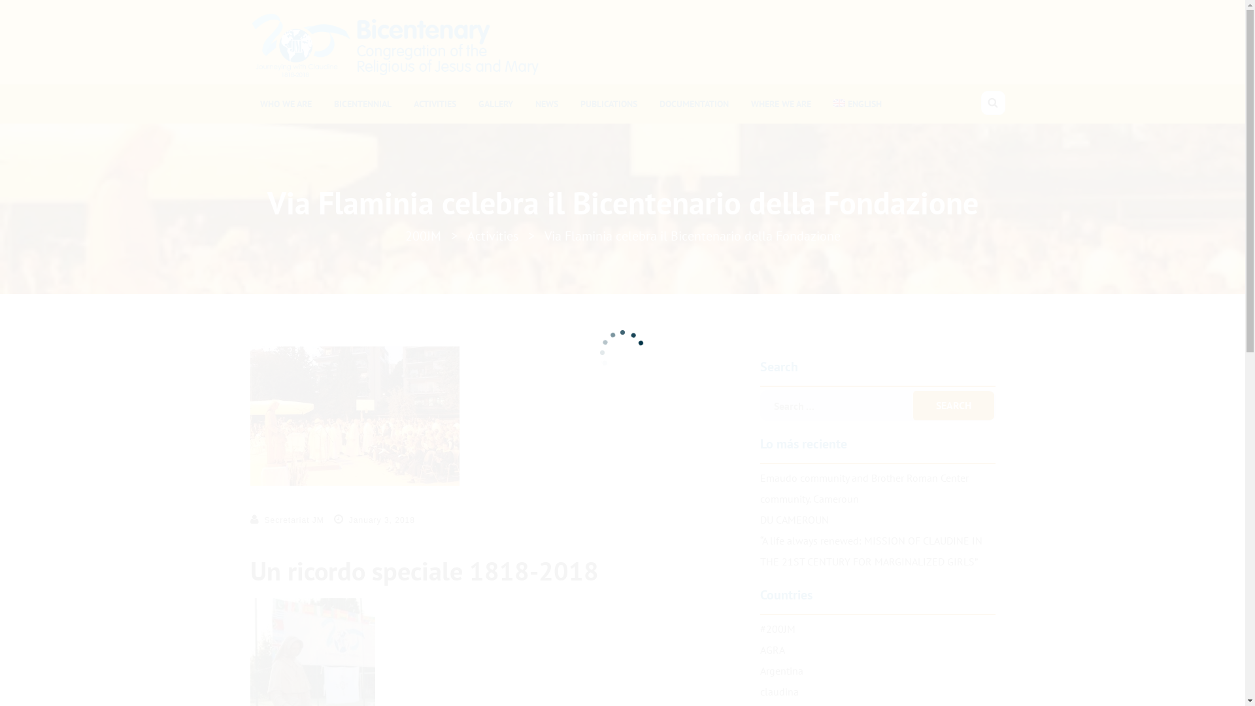 The image size is (1255, 706). I want to click on 'Secretariat JM', so click(263, 519).